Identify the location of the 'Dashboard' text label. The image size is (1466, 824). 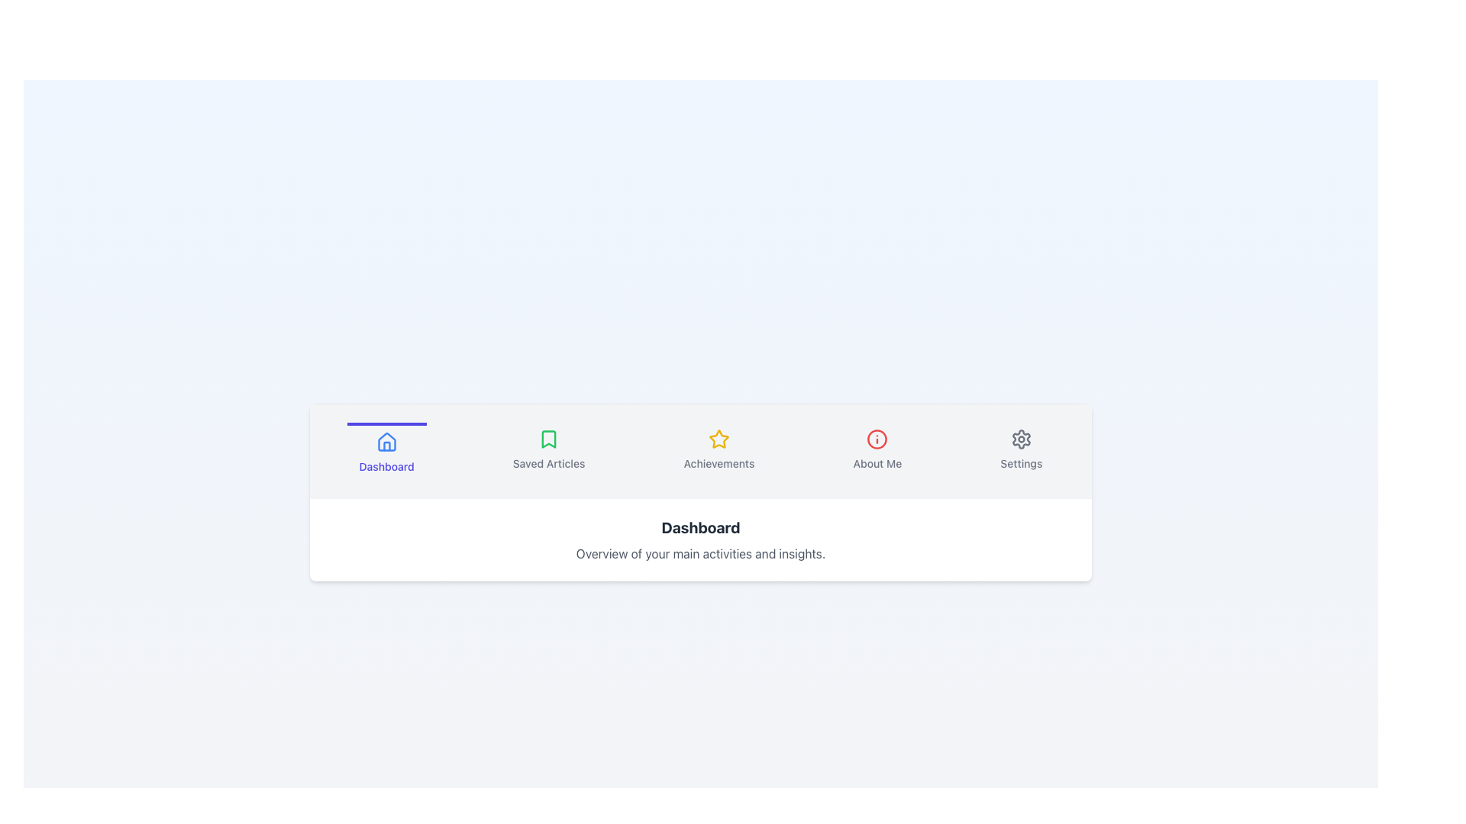
(386, 465).